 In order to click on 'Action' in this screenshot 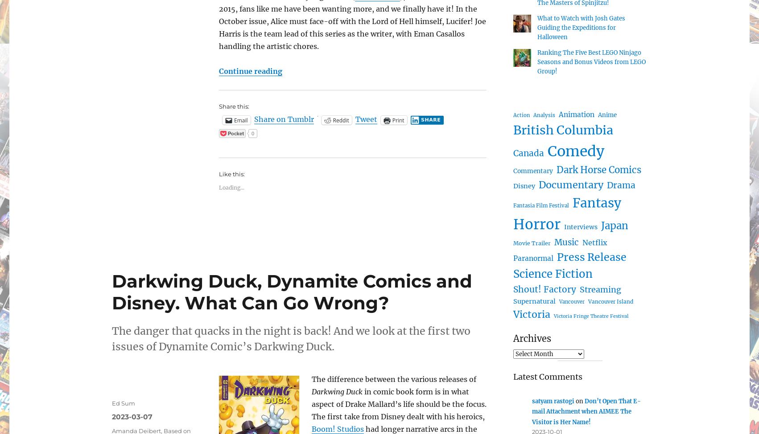, I will do `click(521, 115)`.